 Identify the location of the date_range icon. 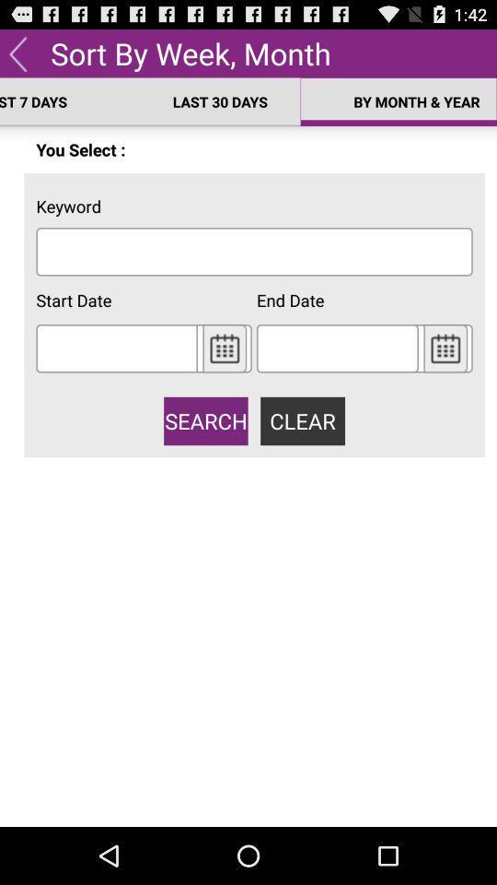
(225, 372).